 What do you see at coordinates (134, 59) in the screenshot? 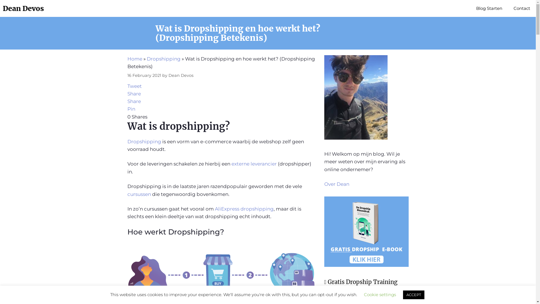
I see `'Home'` at bounding box center [134, 59].